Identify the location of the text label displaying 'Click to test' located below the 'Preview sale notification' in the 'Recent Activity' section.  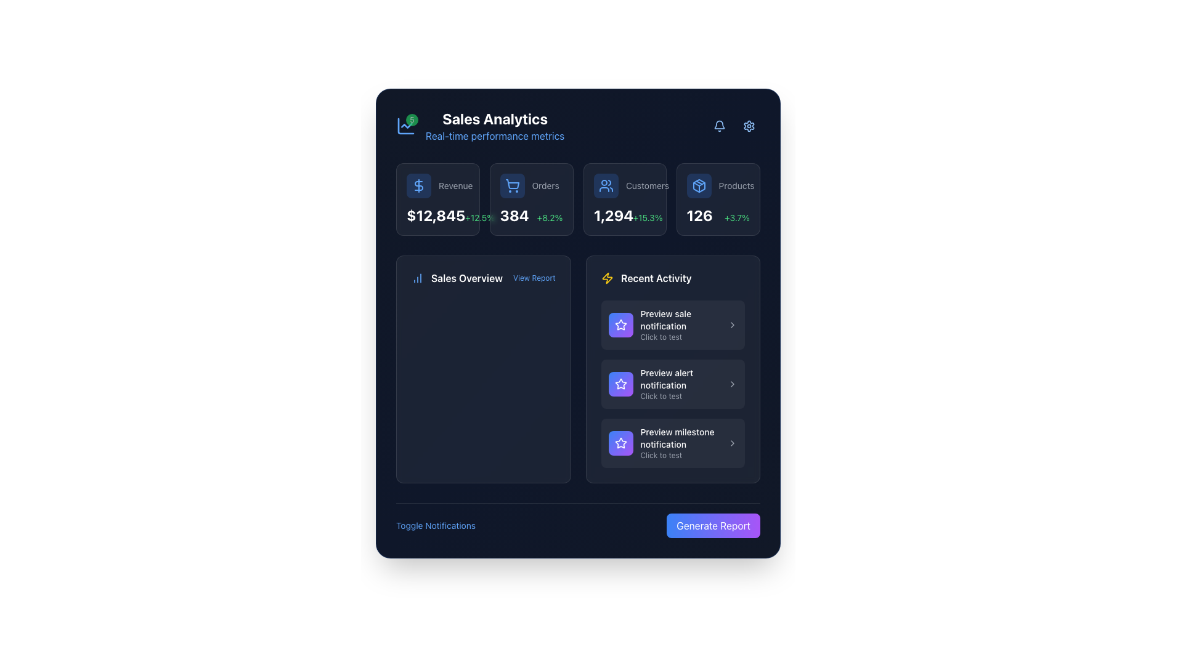
(680, 337).